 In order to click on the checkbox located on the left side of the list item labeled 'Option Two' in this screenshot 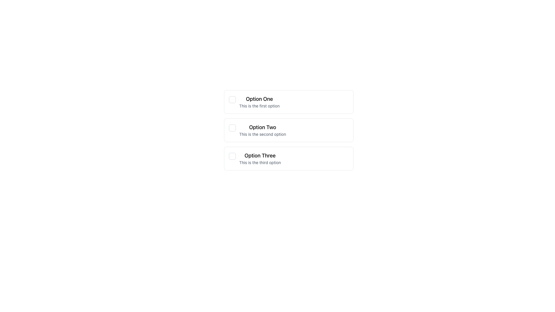, I will do `click(232, 128)`.